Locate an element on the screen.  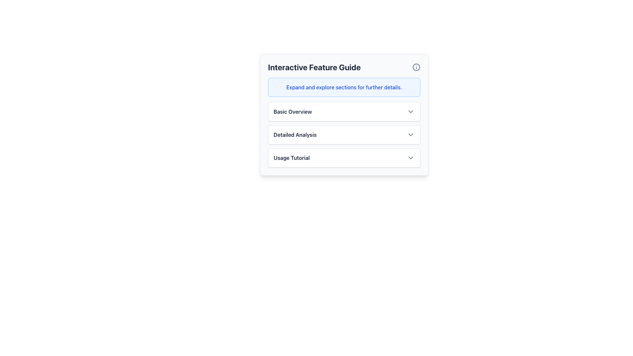
the informational box in the 'Interactive Feature Guide' panel to get more details is located at coordinates (344, 114).